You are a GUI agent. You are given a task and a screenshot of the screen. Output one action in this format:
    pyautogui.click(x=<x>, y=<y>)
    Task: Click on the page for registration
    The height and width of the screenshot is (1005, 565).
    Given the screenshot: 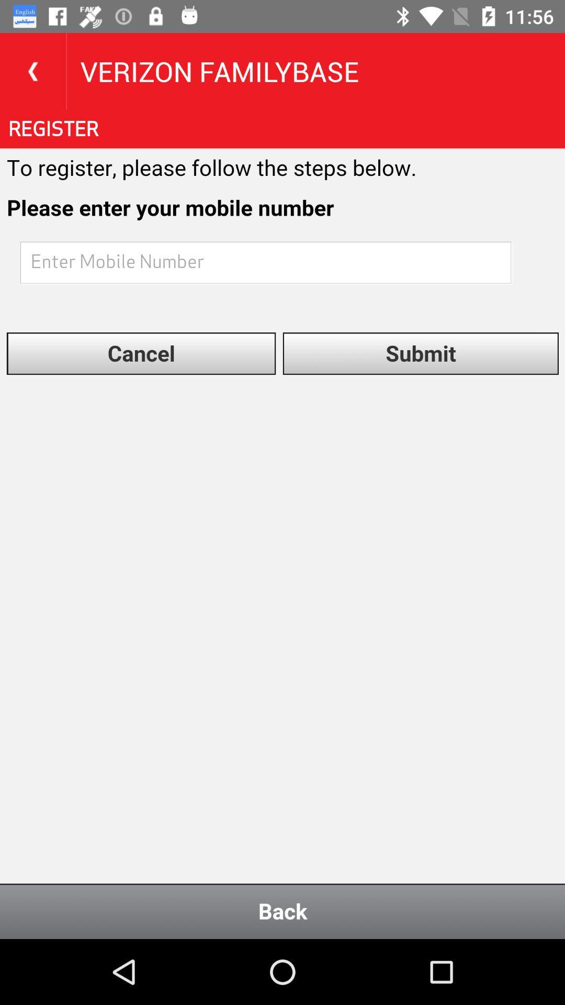 What is the action you would take?
    pyautogui.click(x=282, y=524)
    